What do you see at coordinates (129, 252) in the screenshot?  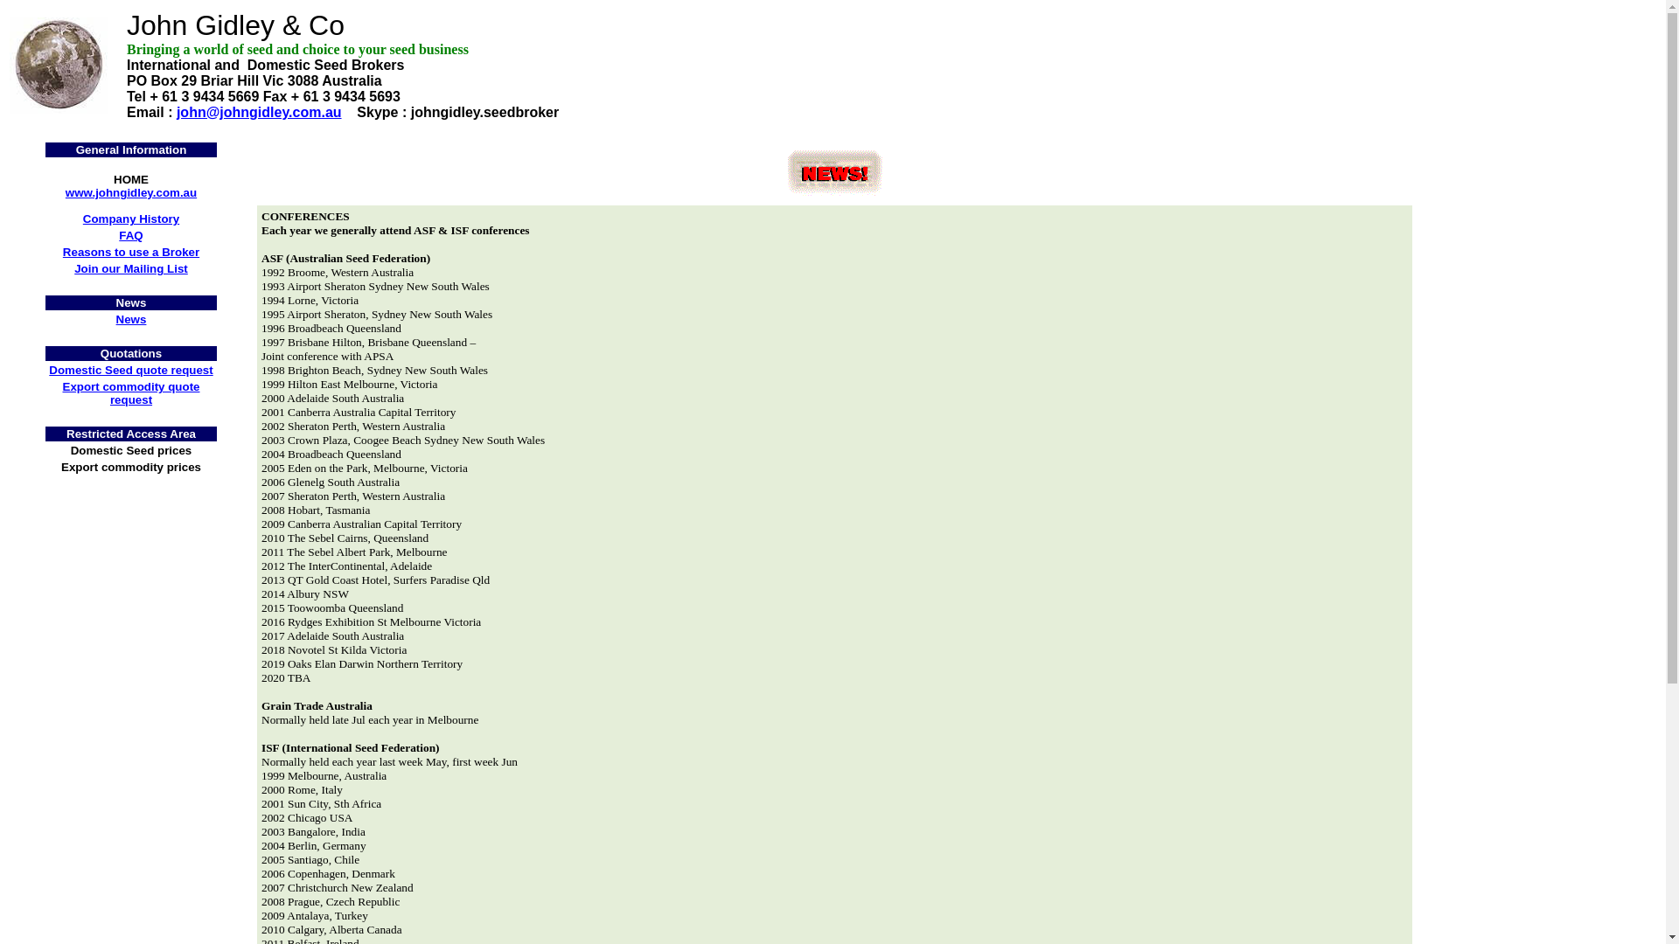 I see `'Reasons to use a Broker'` at bounding box center [129, 252].